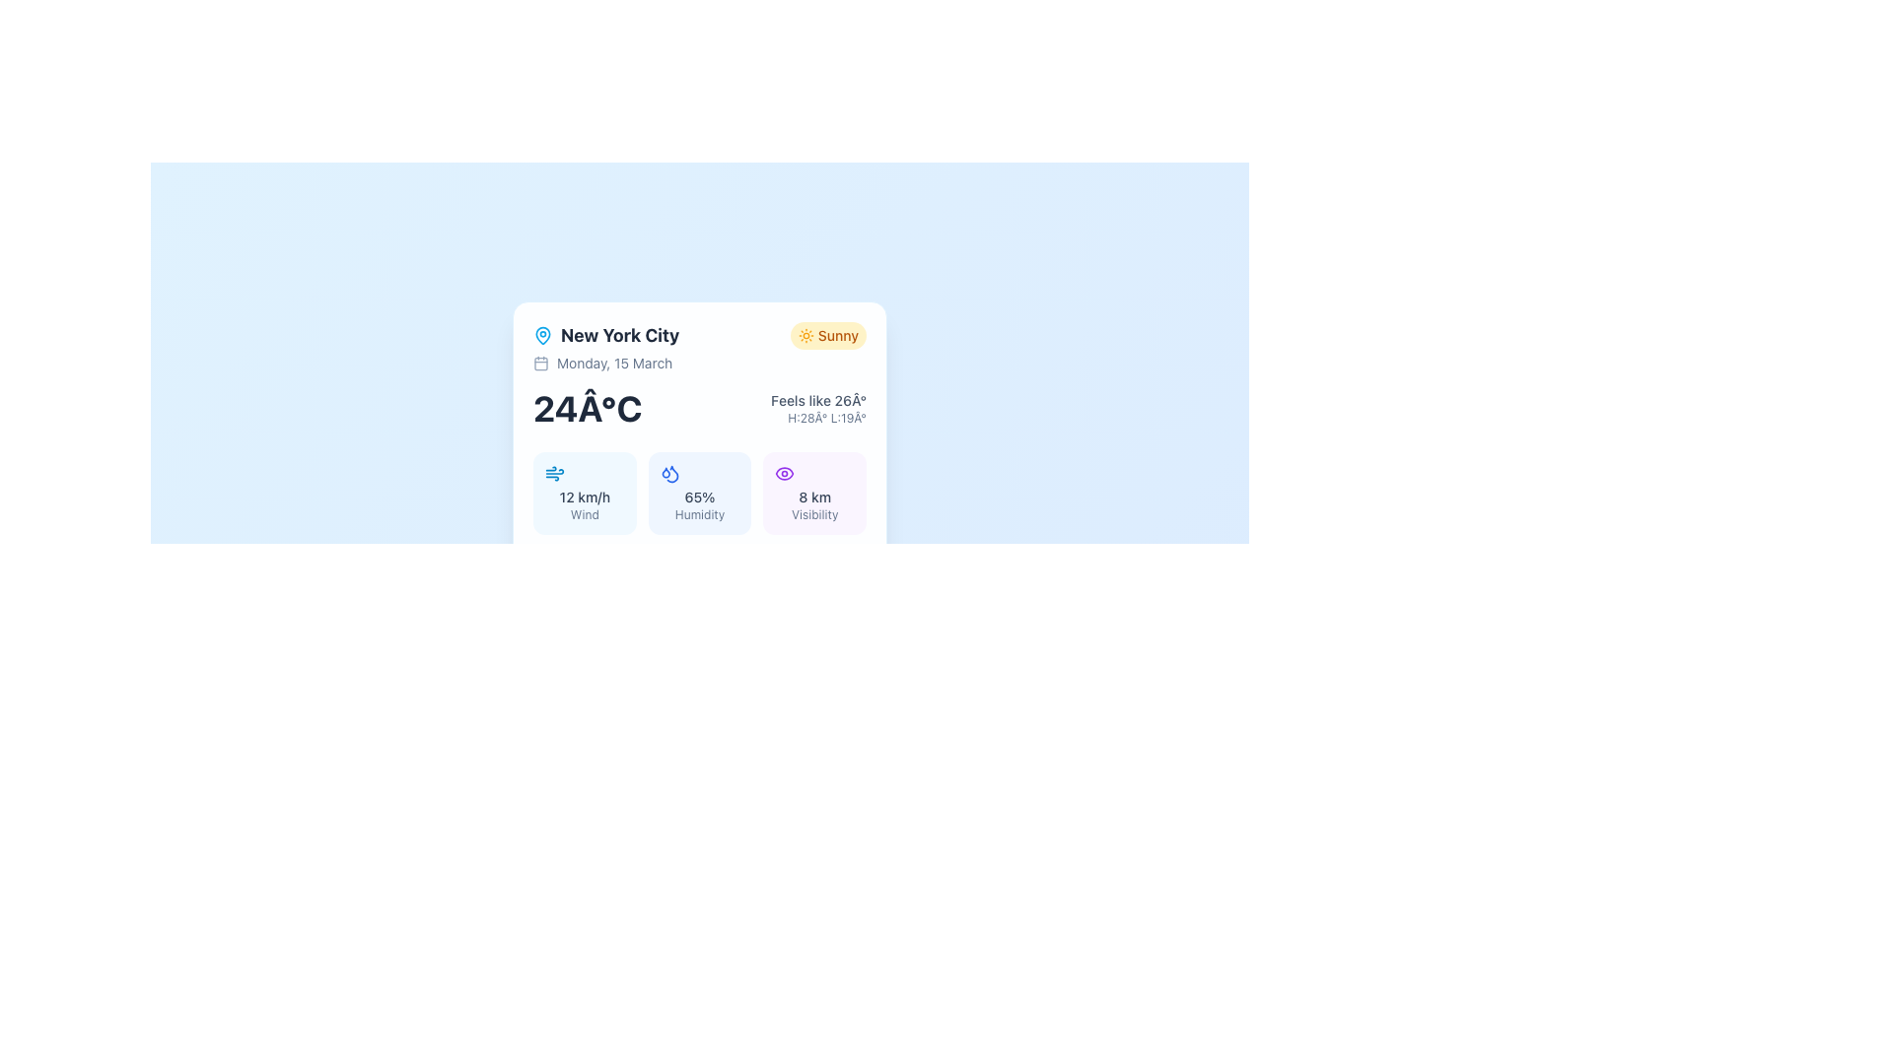 This screenshot has height=1064, width=1893. Describe the element at coordinates (543, 333) in the screenshot. I see `SVG map pin element that indicates weather details for 'New York City' using developer tools` at that location.